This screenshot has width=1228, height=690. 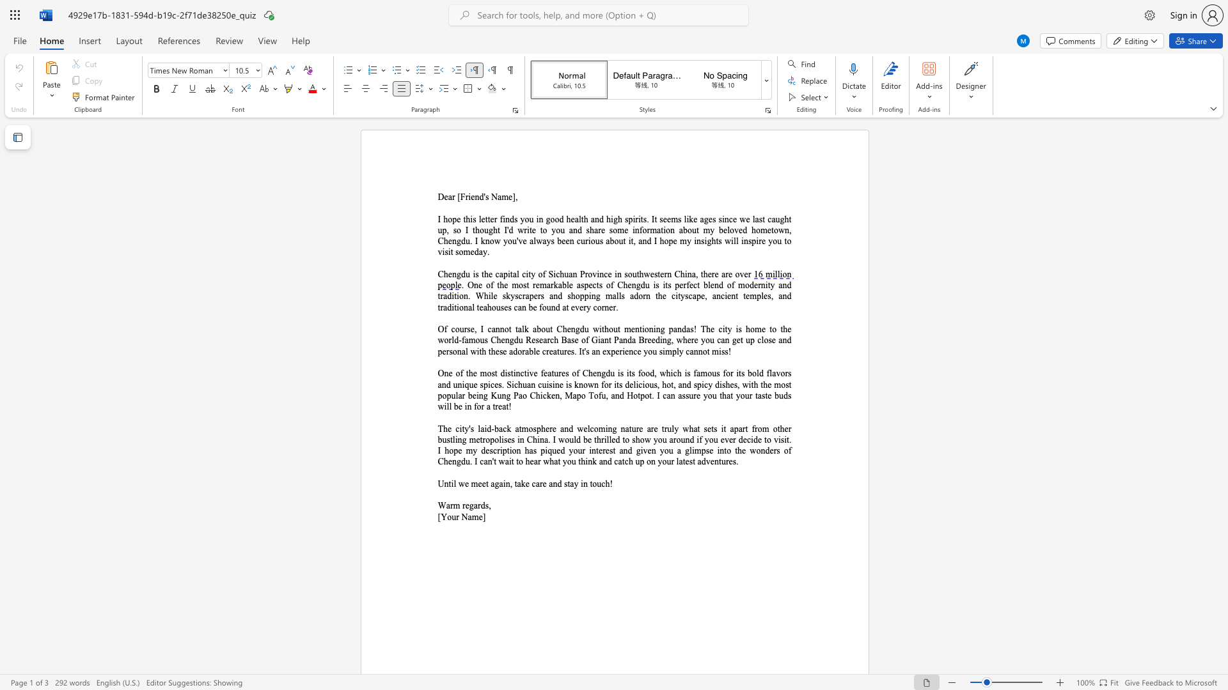 I want to click on the subset text "arm regards" within the text "Warm regards,", so click(x=446, y=505).